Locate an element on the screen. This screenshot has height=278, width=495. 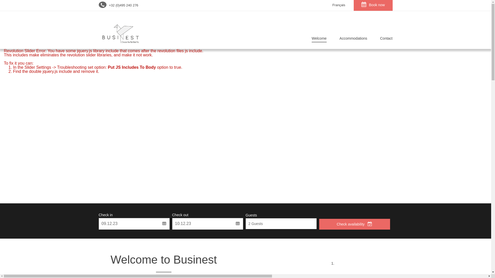
'Accommodations' is located at coordinates (353, 39).